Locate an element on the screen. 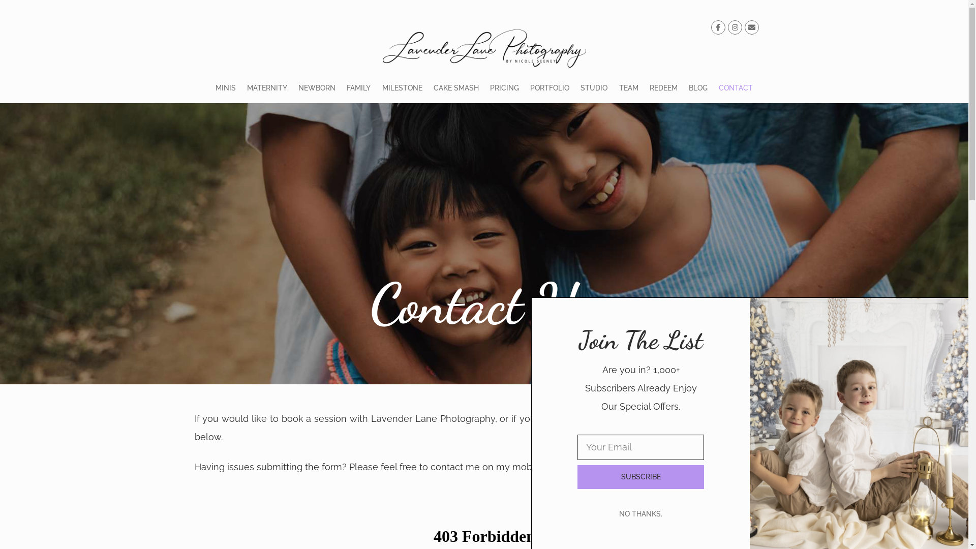 This screenshot has height=549, width=976. '0405 343 949,' is located at coordinates (546, 467).